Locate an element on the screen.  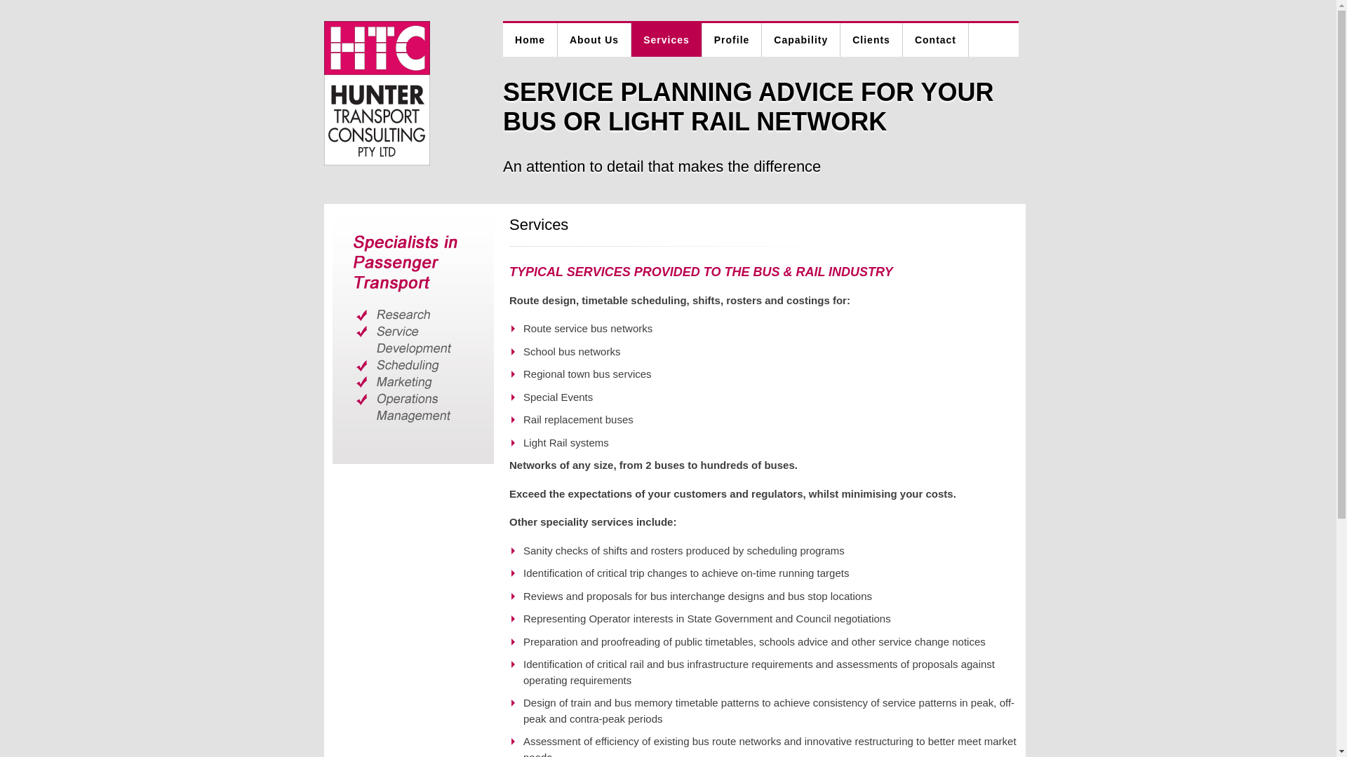
'Profile' is located at coordinates (731, 39).